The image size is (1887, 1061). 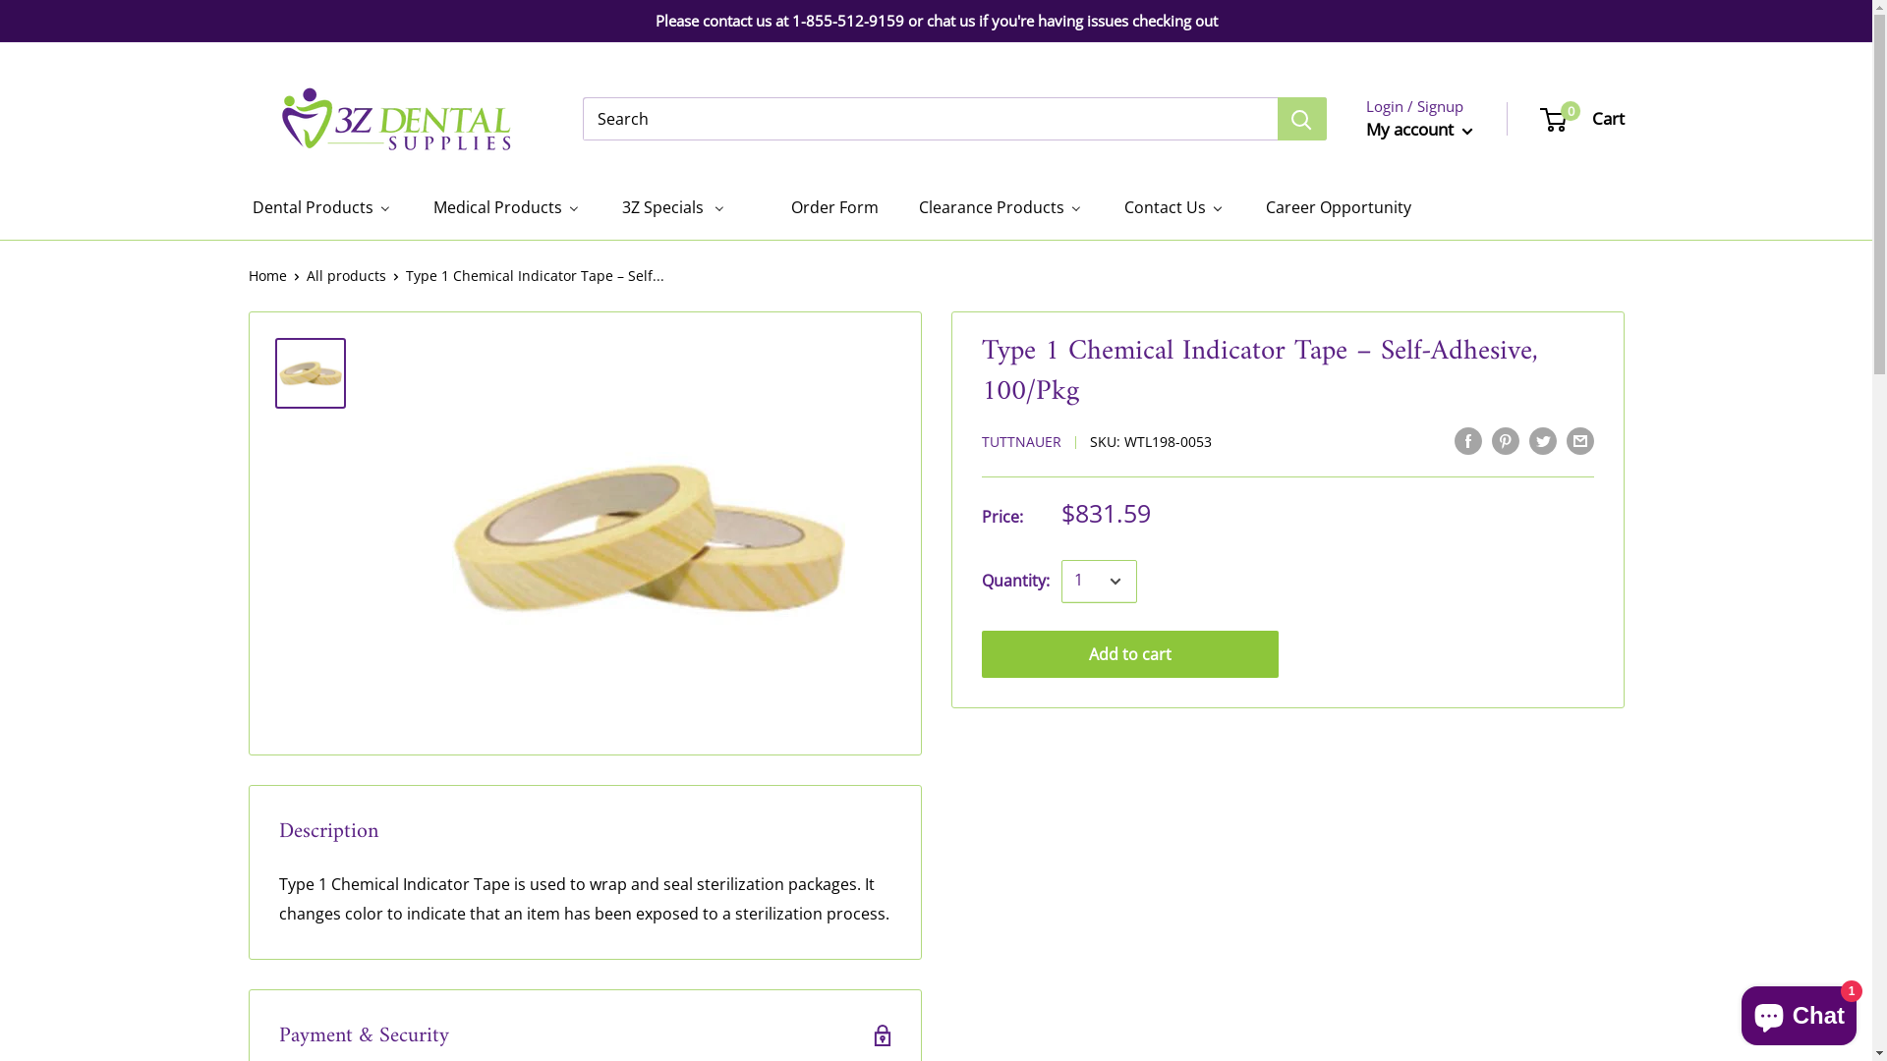 What do you see at coordinates (1799, 1011) in the screenshot?
I see `'Shopify online store chat'` at bounding box center [1799, 1011].